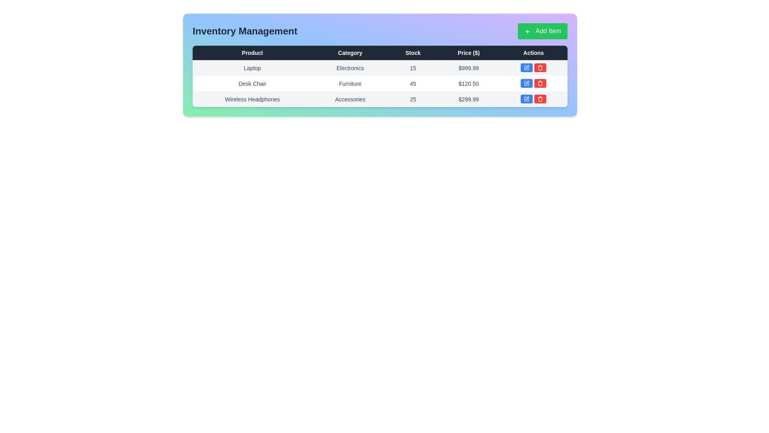 The image size is (769, 433). I want to click on the Table Header element that serves as the first header for the column containing product names or descriptions, so click(252, 53).